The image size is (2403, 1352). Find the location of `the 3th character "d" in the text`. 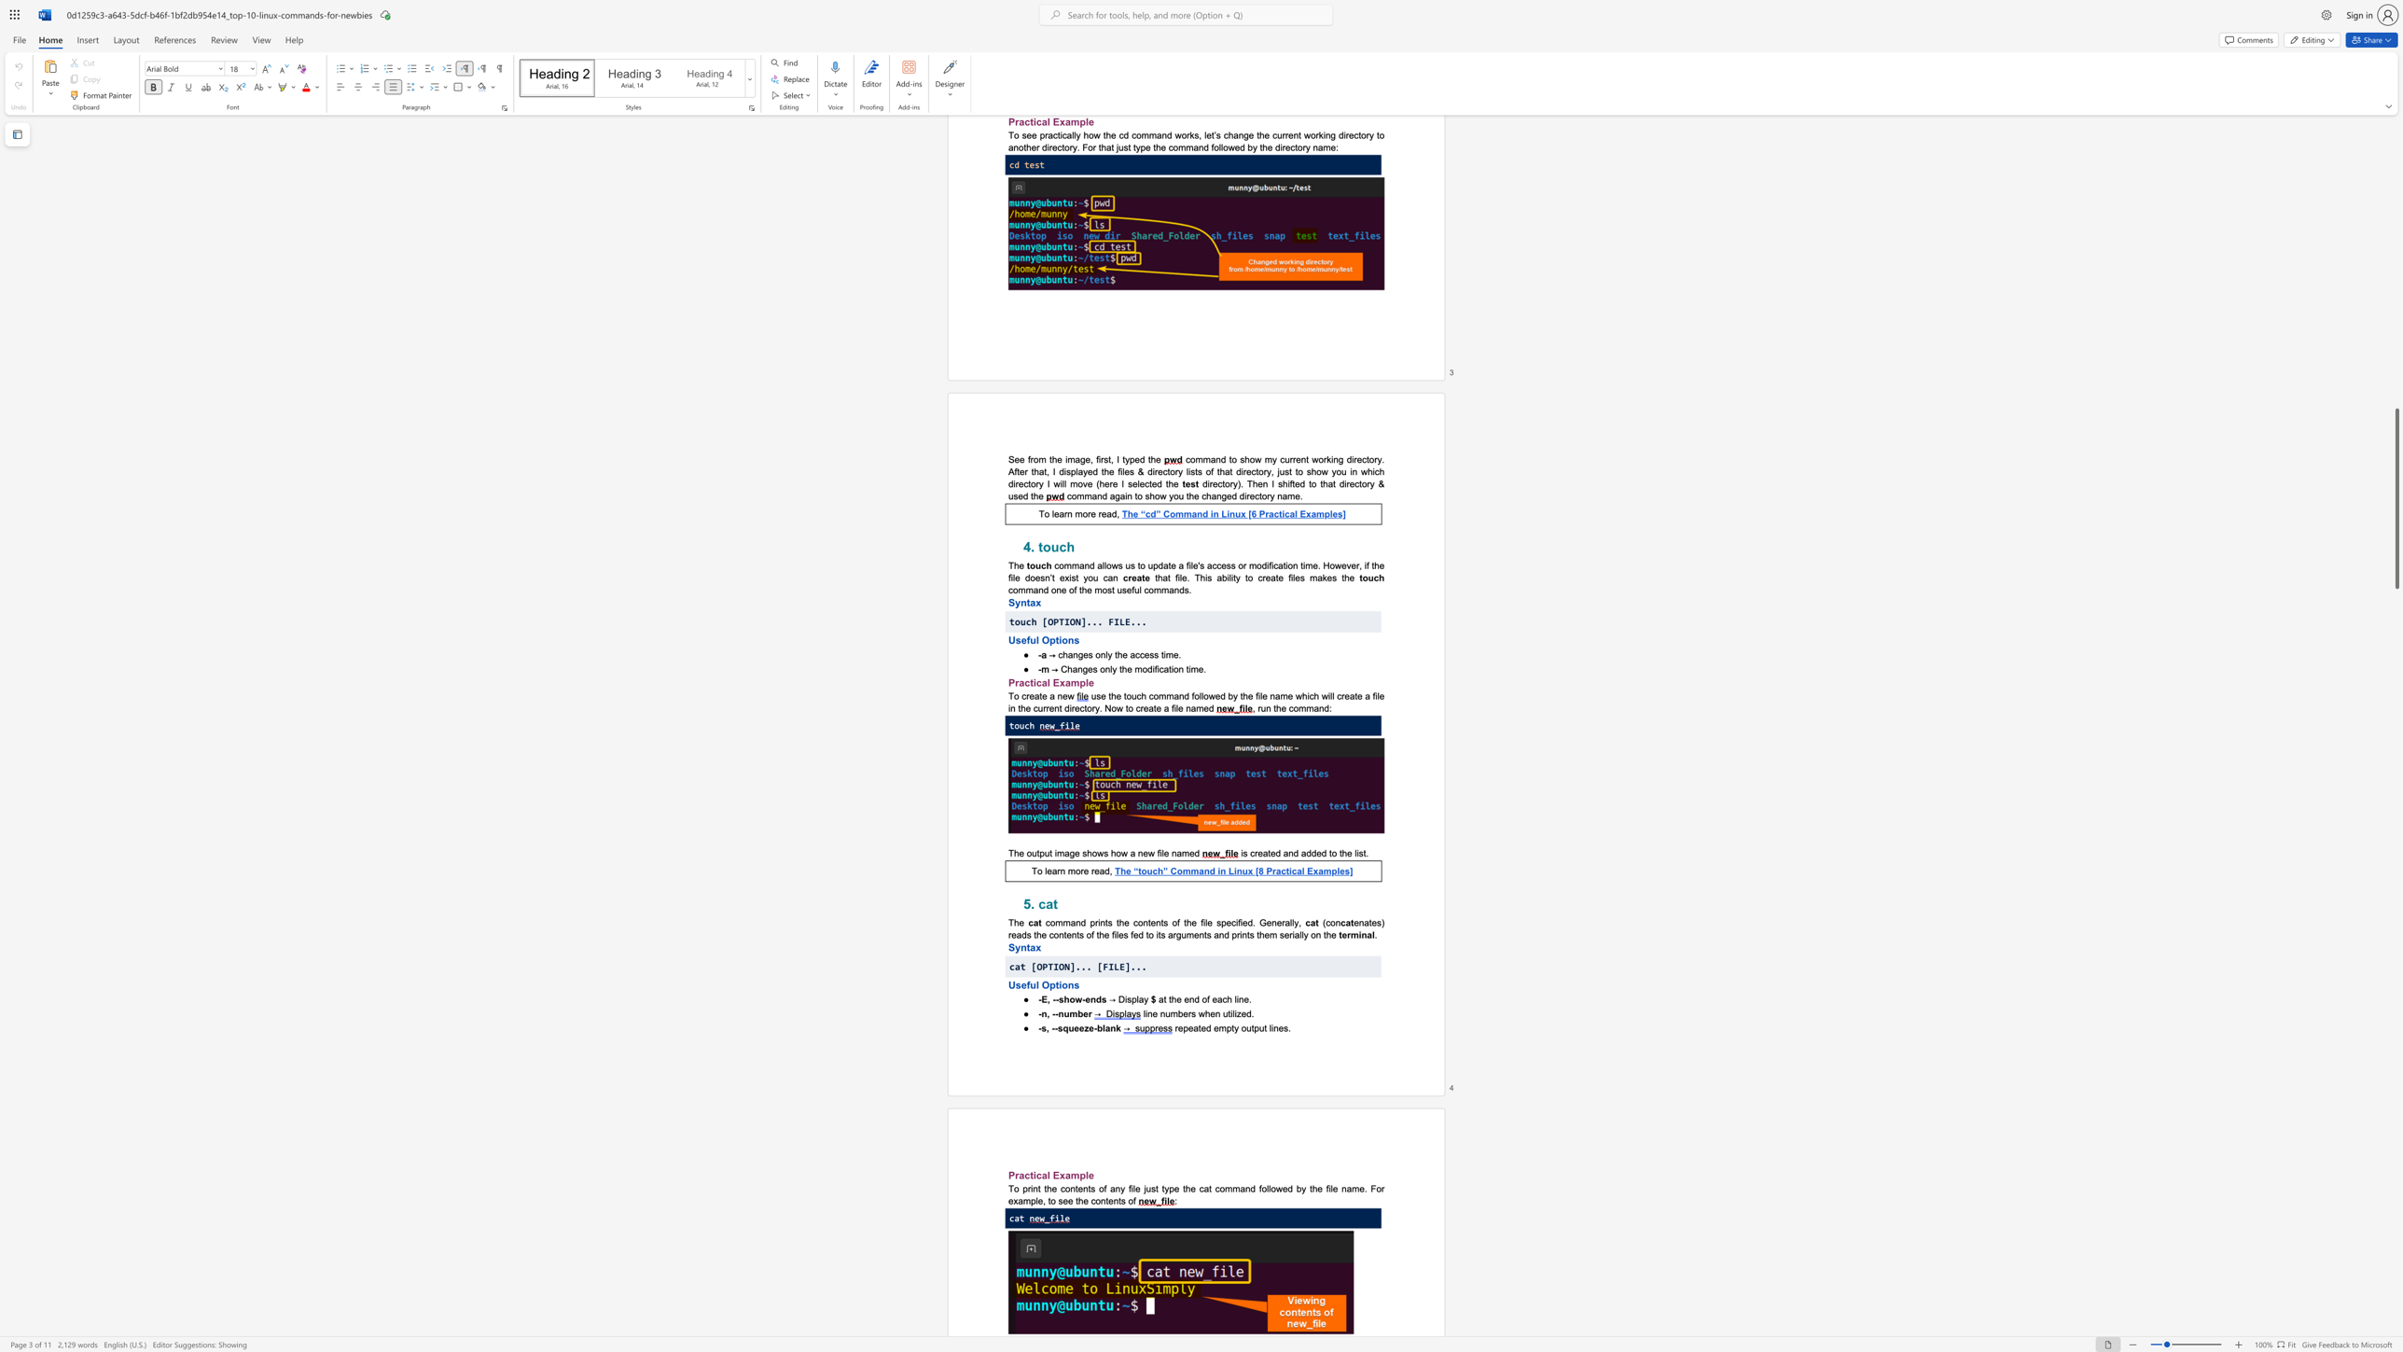

the 3th character "d" in the text is located at coordinates (1309, 853).